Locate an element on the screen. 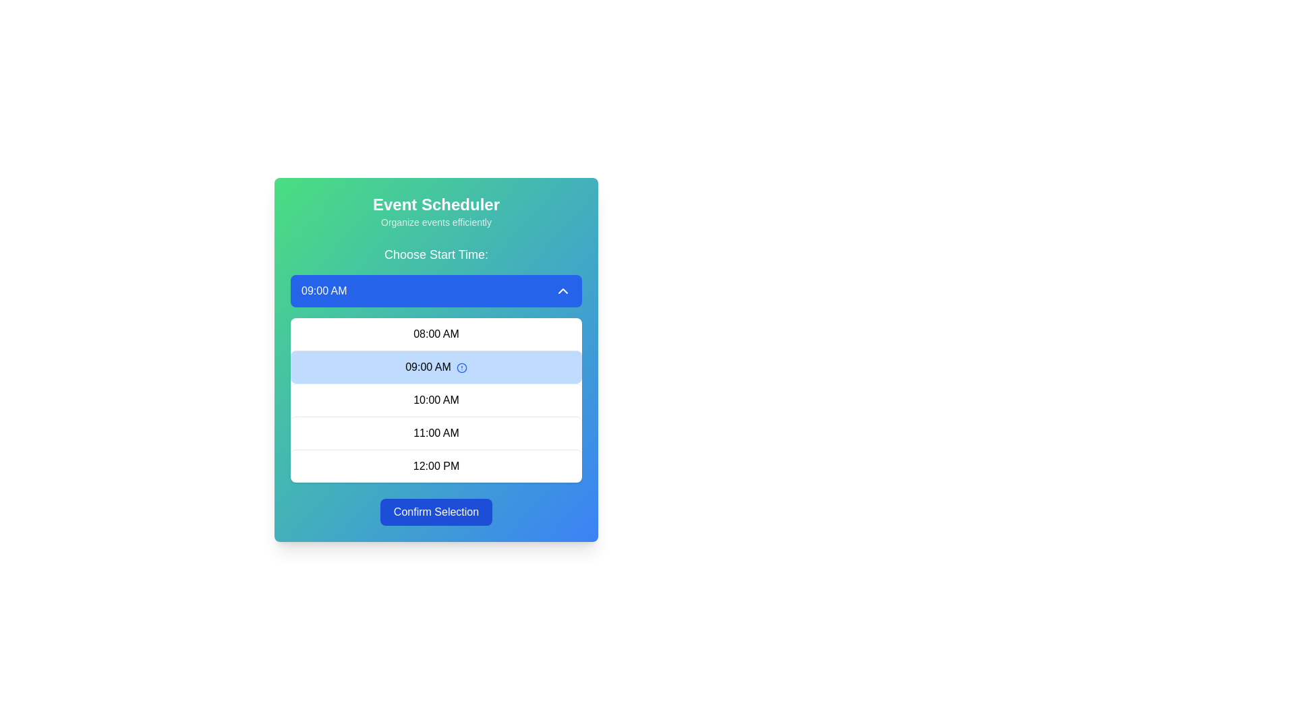 The image size is (1295, 728). the list item representing '11:00 AM' in the time selection menu is located at coordinates (436, 433).